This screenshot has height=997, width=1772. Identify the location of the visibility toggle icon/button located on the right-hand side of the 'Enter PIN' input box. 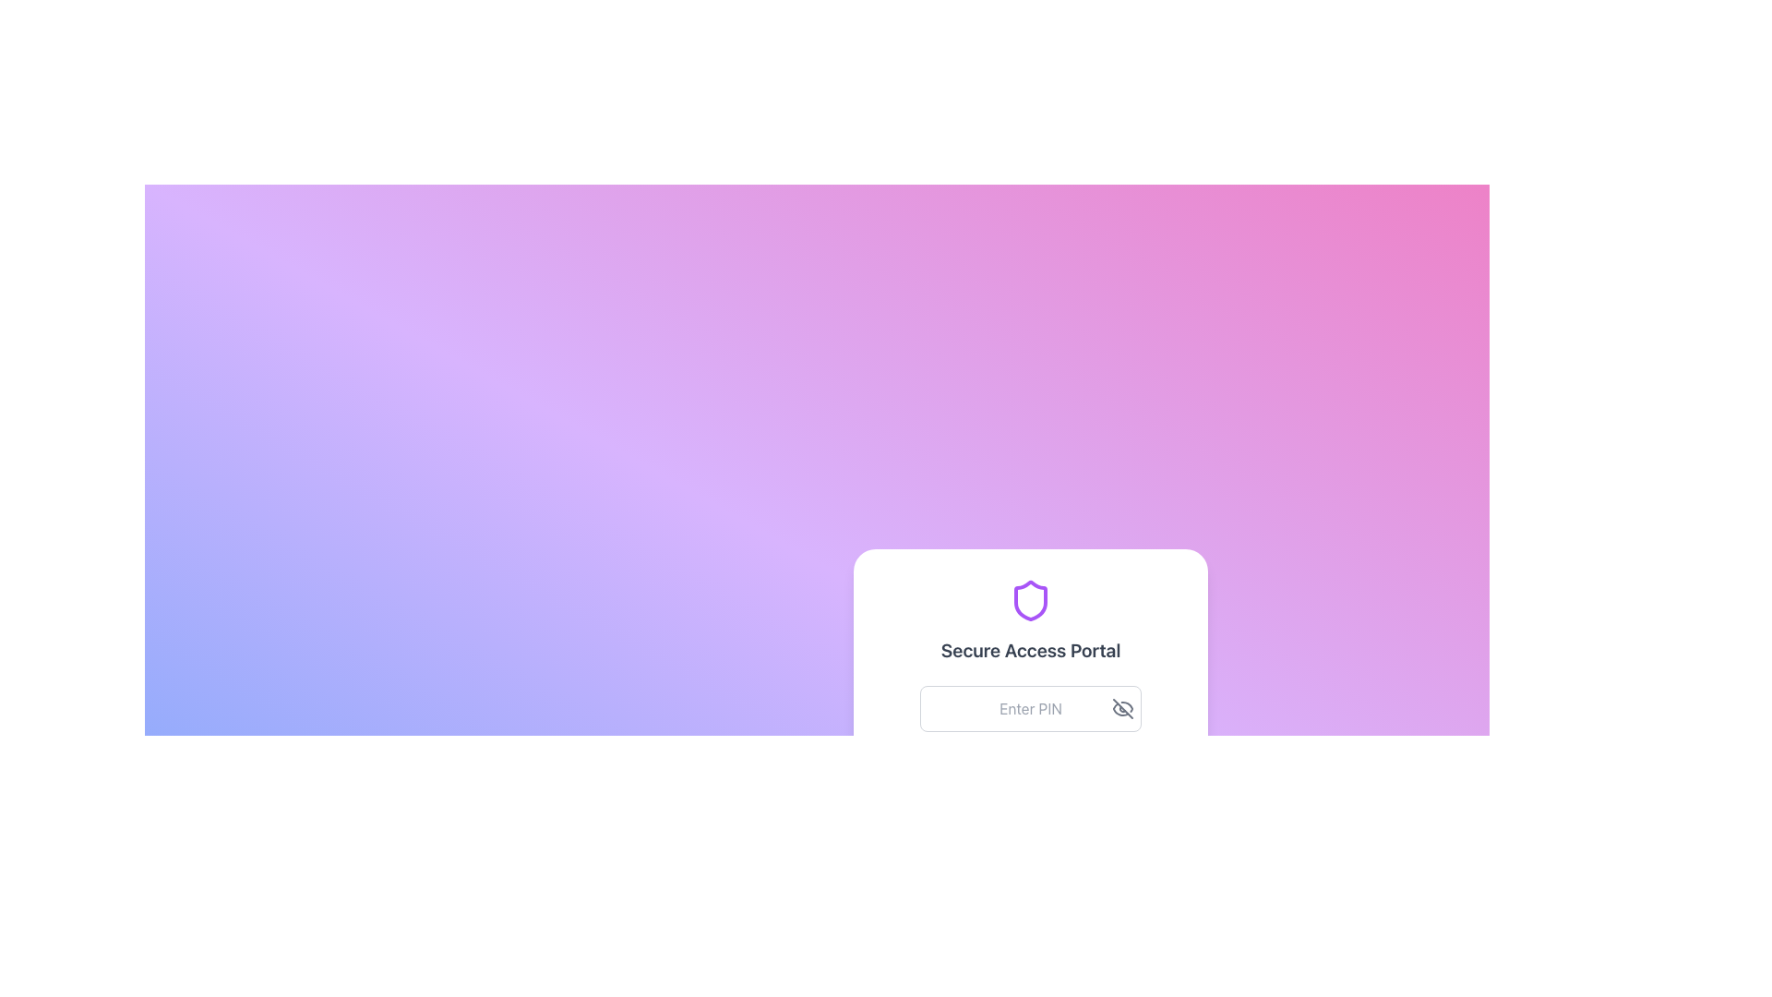
(1122, 707).